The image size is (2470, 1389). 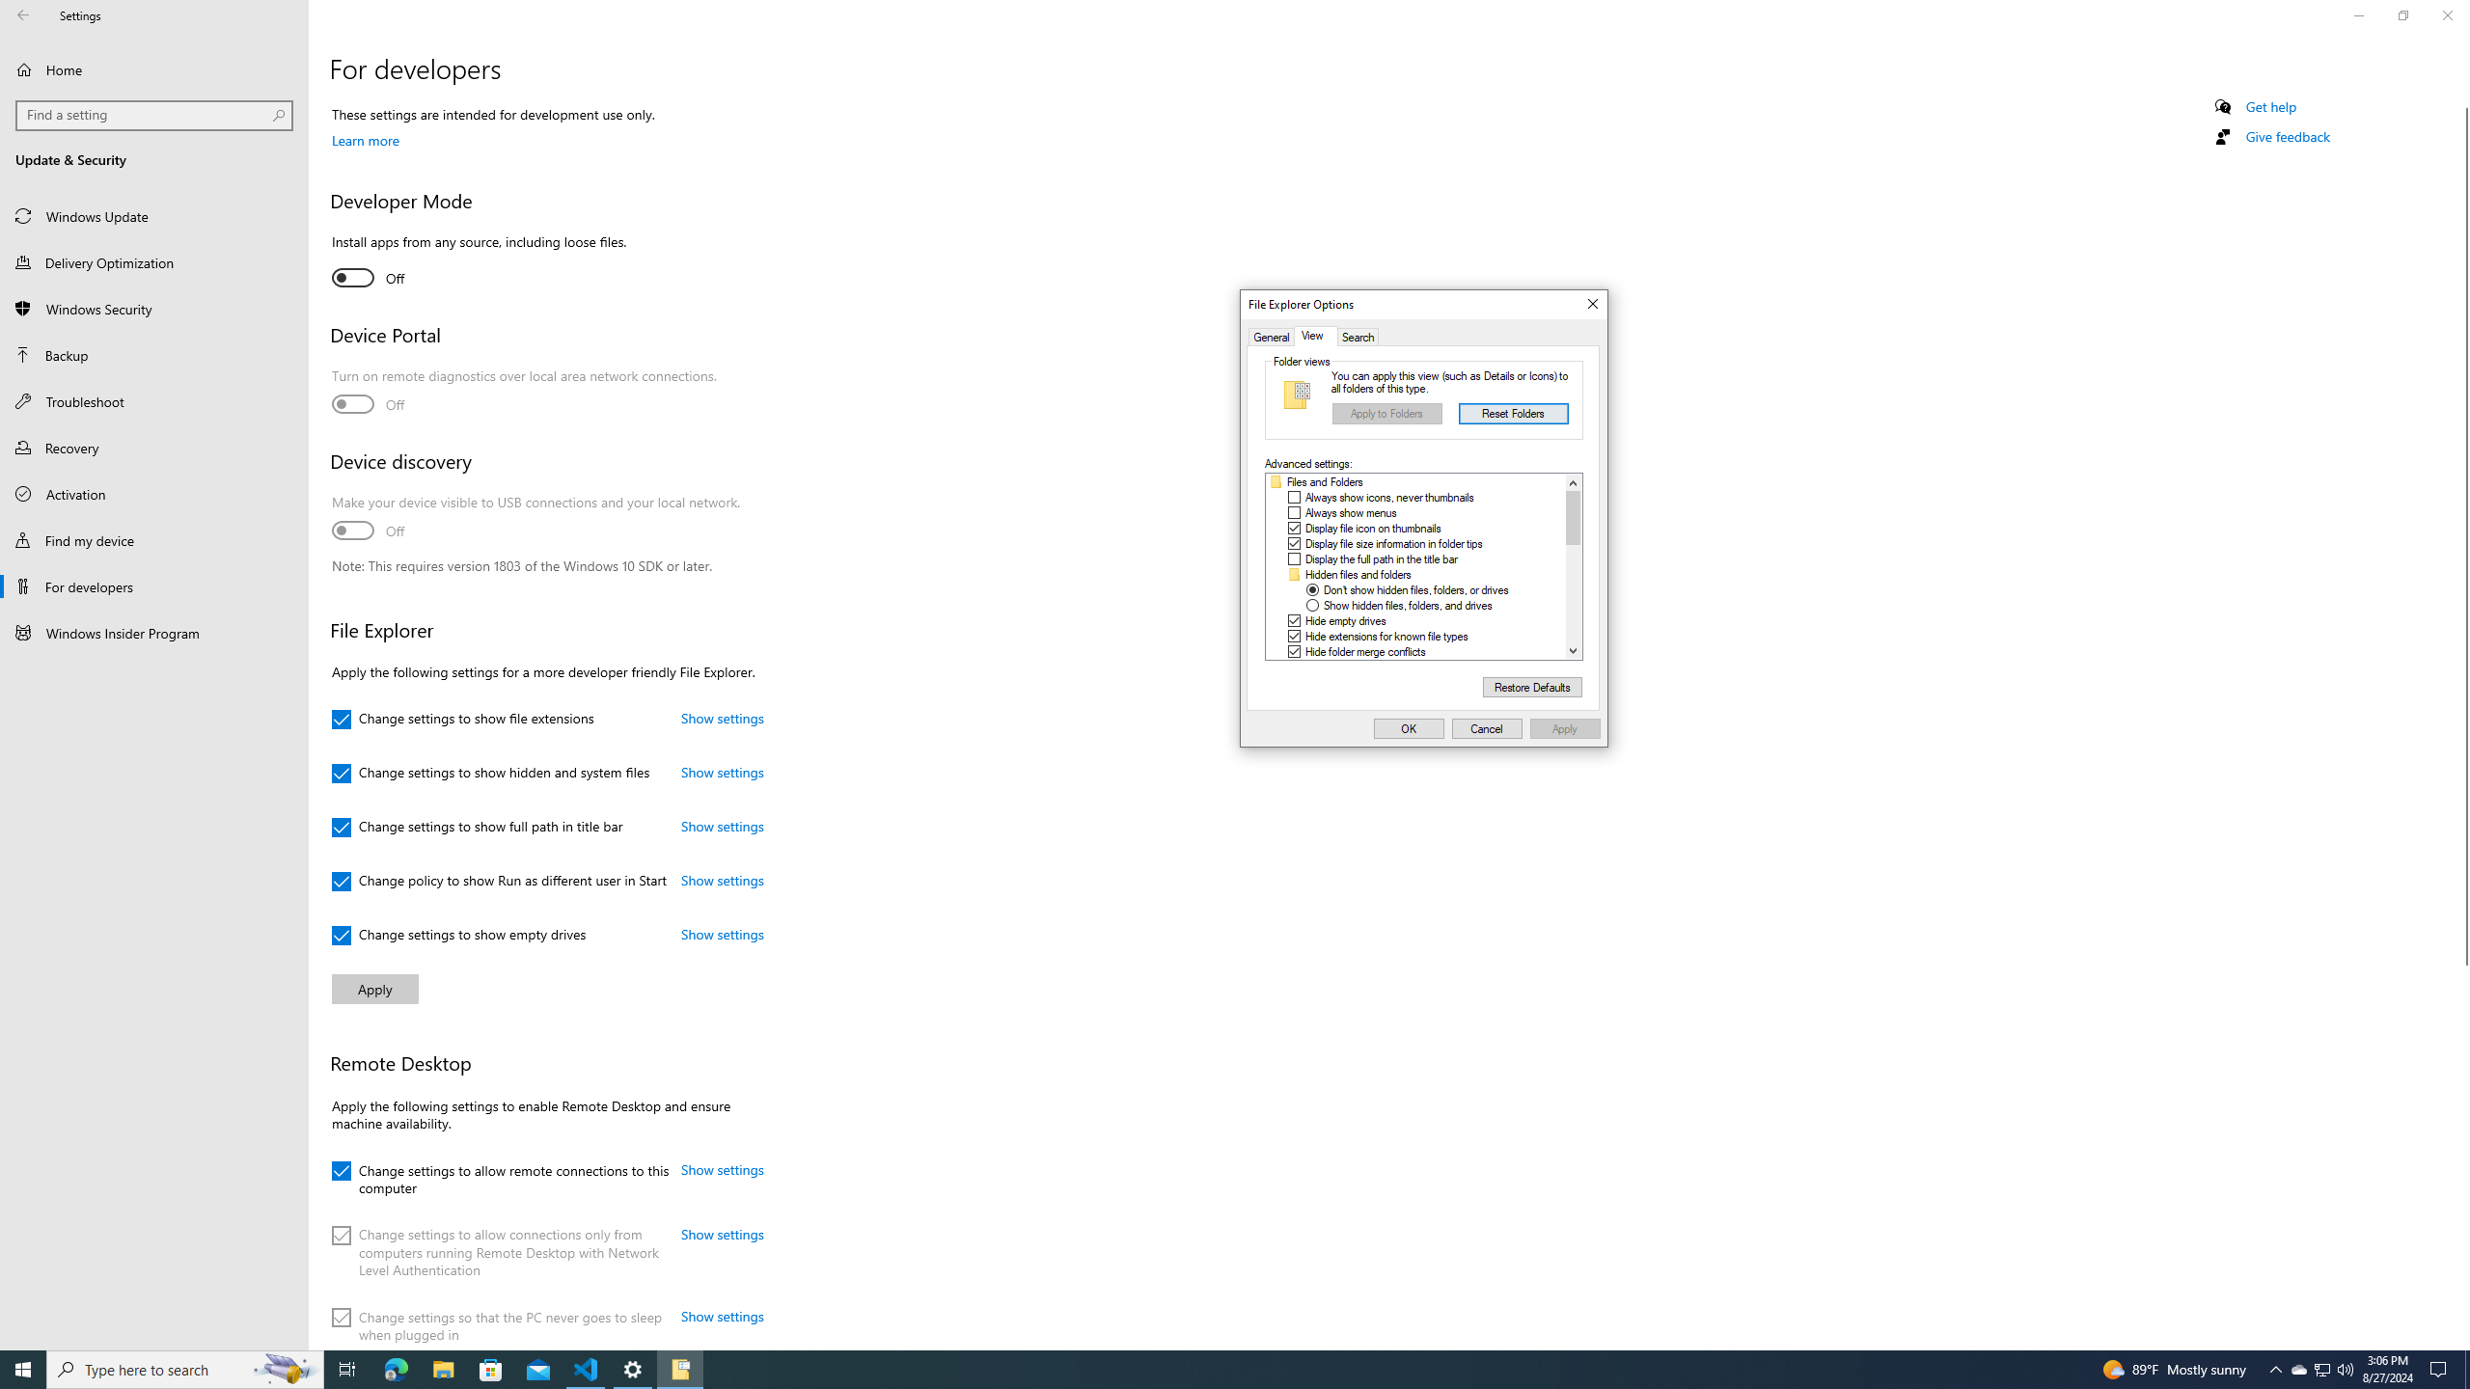 What do you see at coordinates (184, 1368) in the screenshot?
I see `'Type here to search'` at bounding box center [184, 1368].